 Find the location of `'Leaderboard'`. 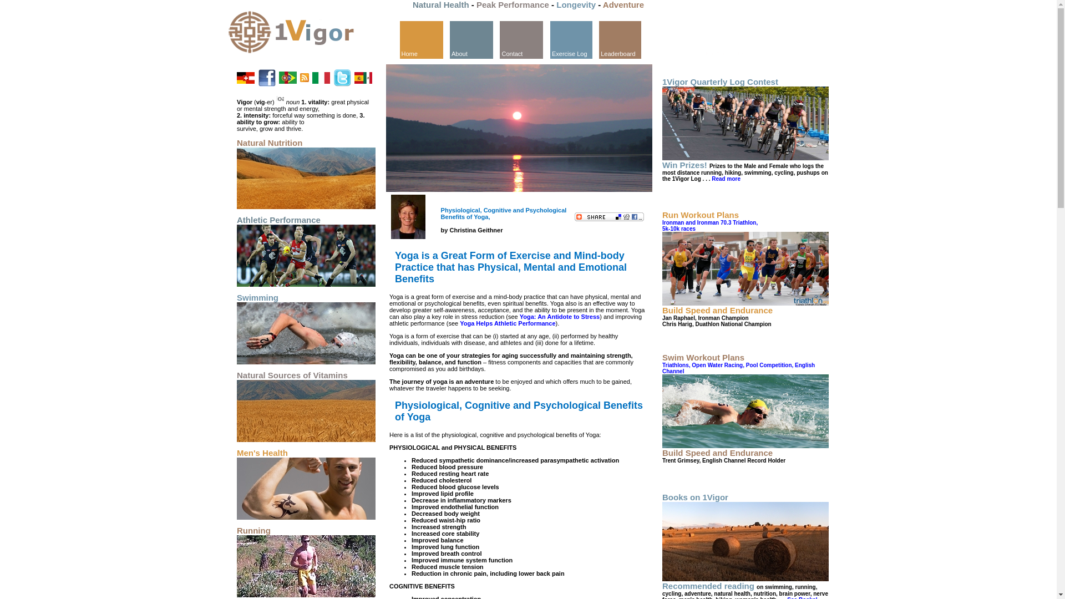

'Leaderboard' is located at coordinates (620, 38).